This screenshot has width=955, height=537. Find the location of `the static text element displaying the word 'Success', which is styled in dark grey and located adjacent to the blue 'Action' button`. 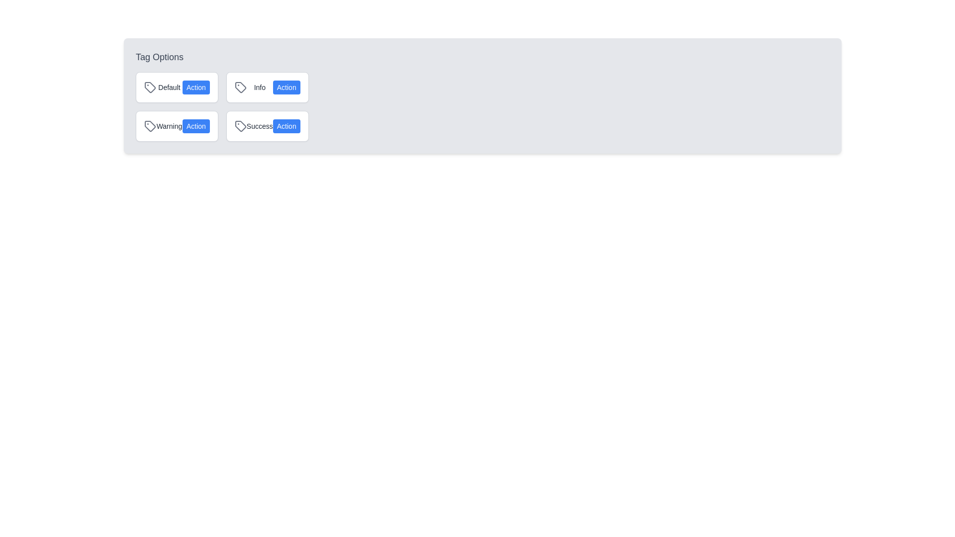

the static text element displaying the word 'Success', which is styled in dark grey and located adjacent to the blue 'Action' button is located at coordinates (260, 126).